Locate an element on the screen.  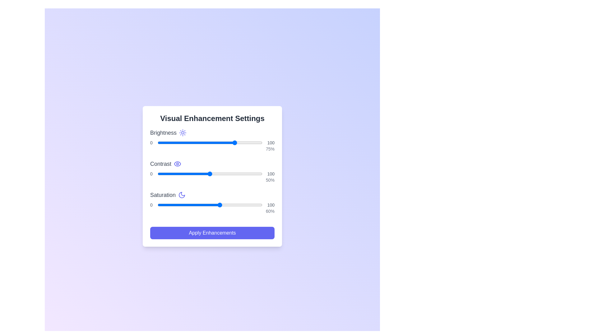
the contrast slider to set the contrast to 62% is located at coordinates (222, 174).